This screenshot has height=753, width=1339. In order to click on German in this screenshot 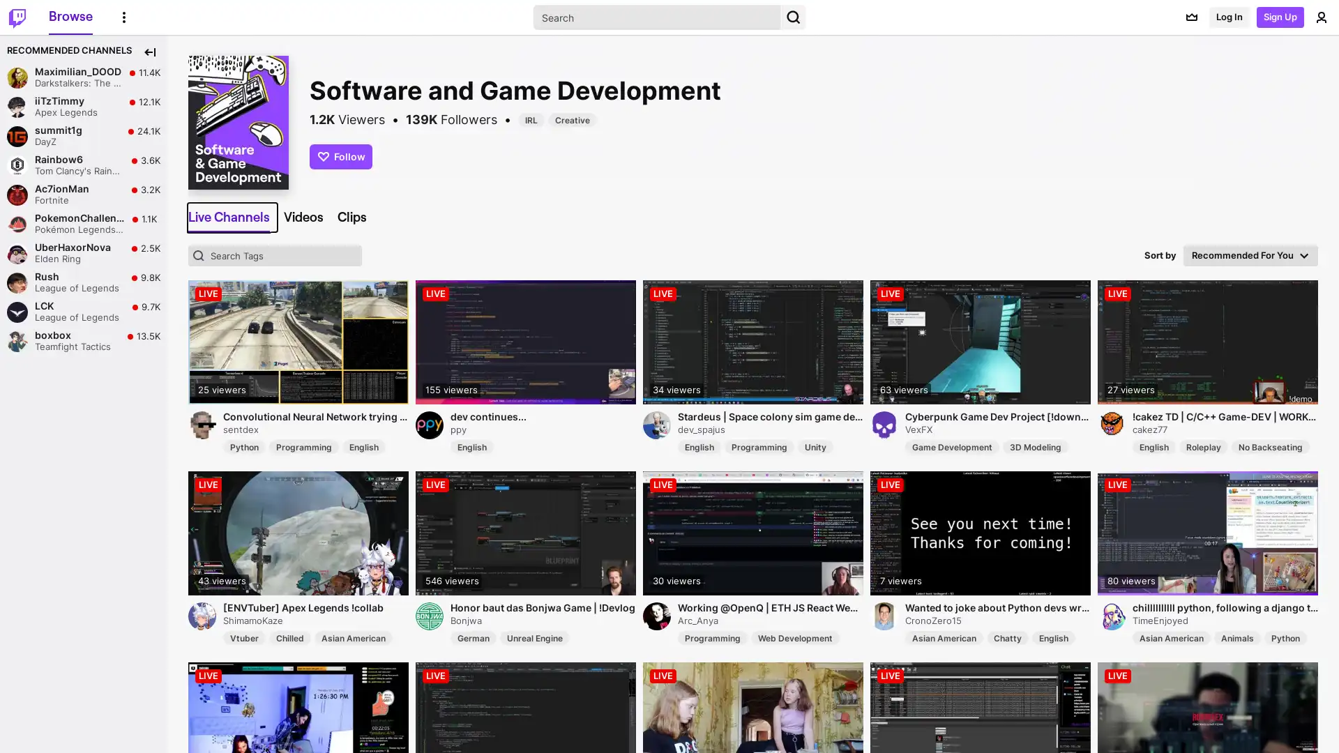, I will do `click(473, 637)`.